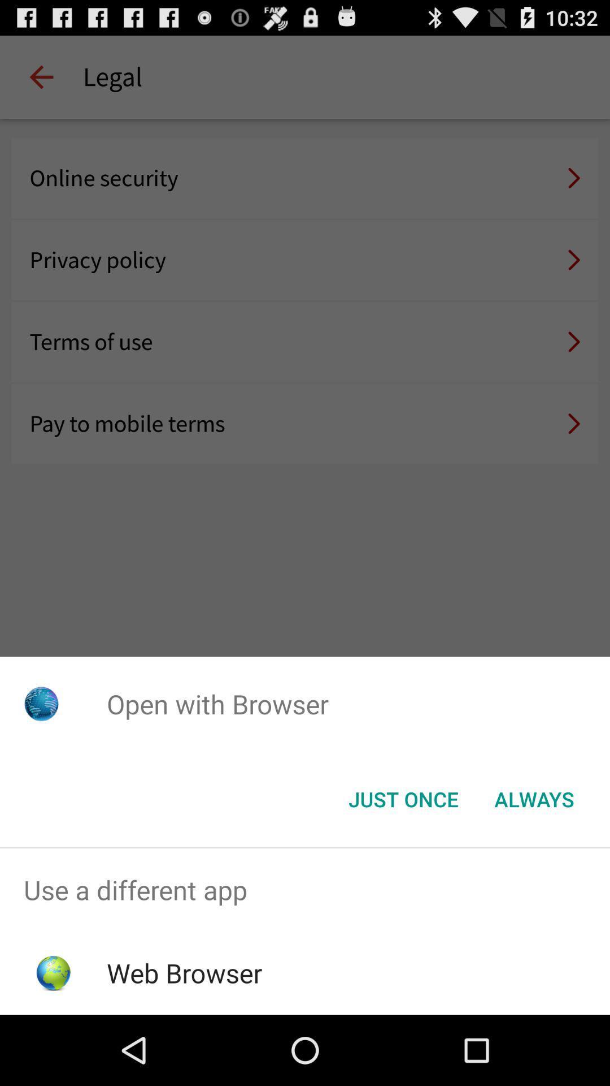  Describe the element at coordinates (403, 798) in the screenshot. I see `item below open with browser` at that location.